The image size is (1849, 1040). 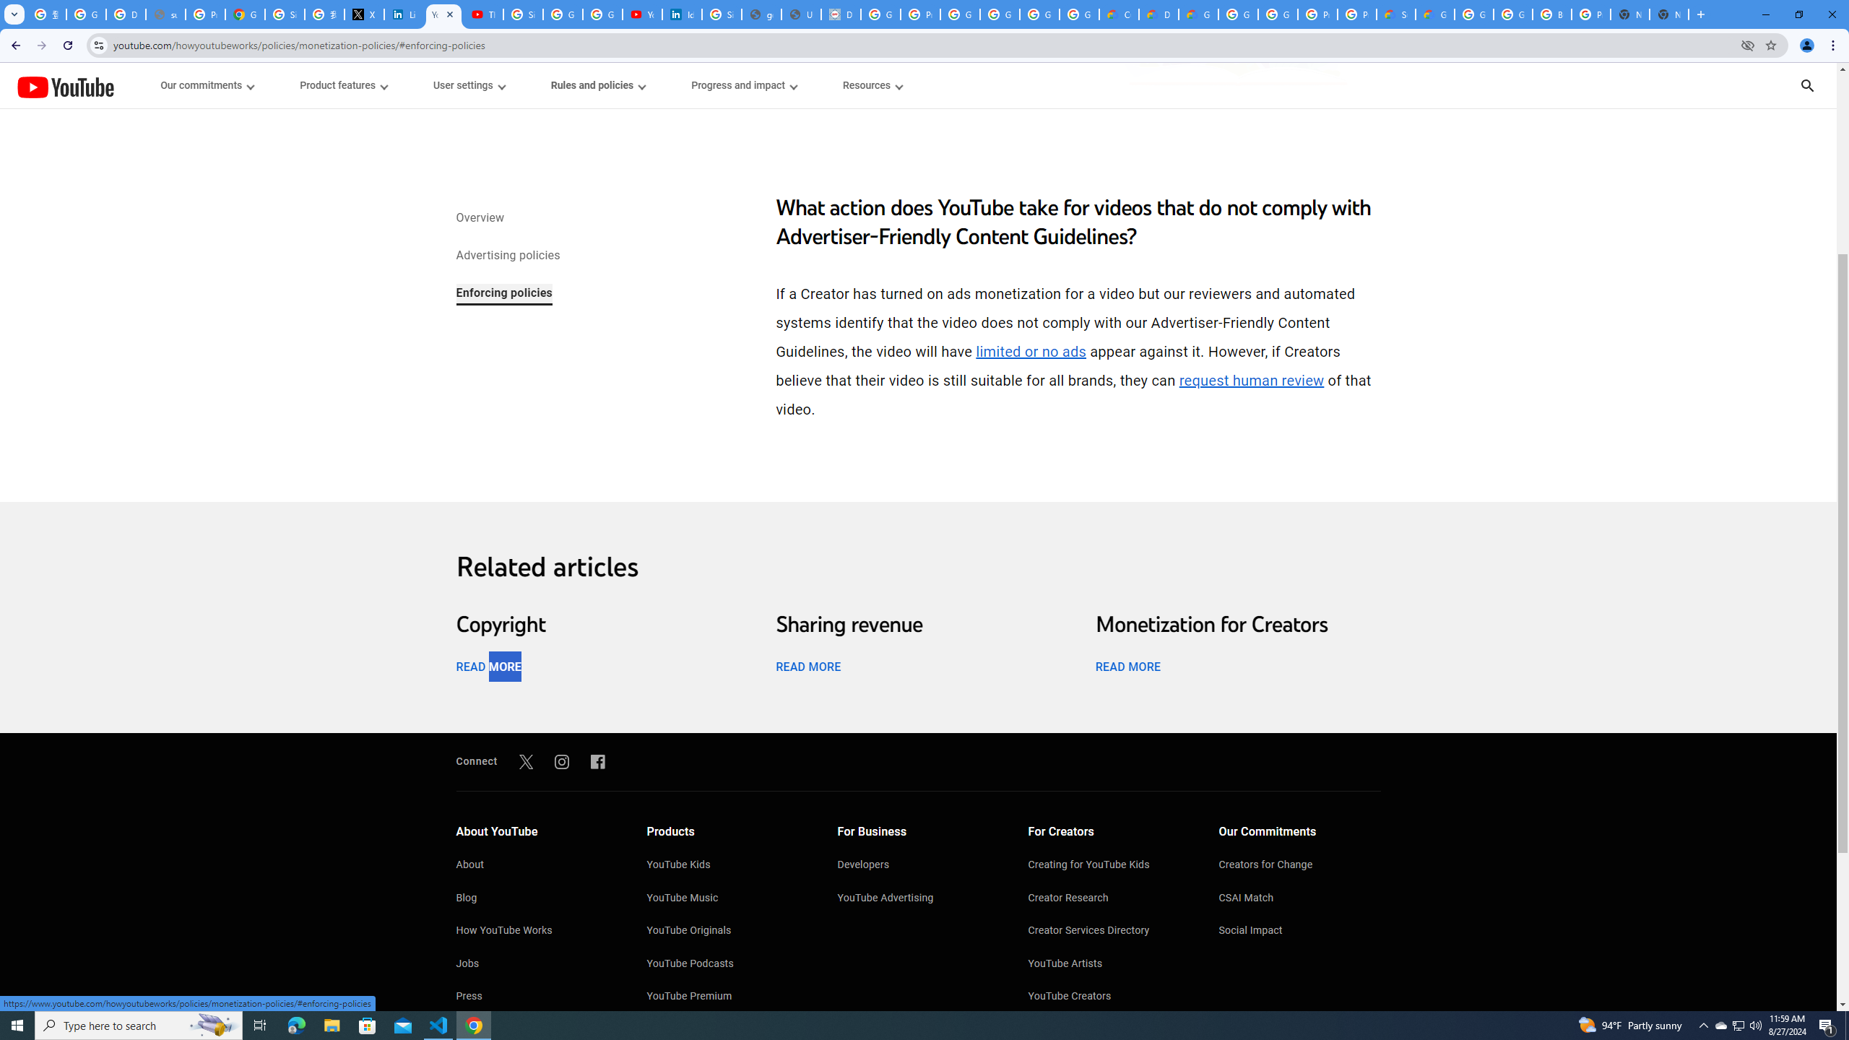 I want to click on 'Social Impact', so click(x=1299, y=932).